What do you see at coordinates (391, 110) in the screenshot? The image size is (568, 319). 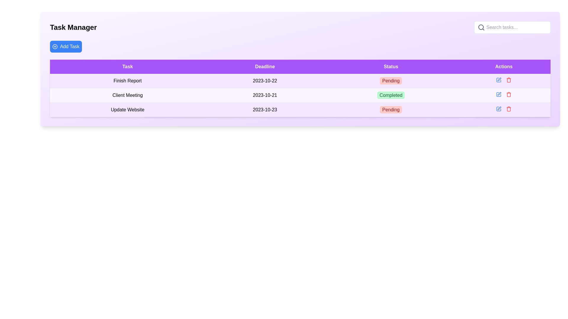 I see `the 'Pending' label displayed in a red rectangle located in the 'Status' column of the 'Update Website' row in the table` at bounding box center [391, 110].